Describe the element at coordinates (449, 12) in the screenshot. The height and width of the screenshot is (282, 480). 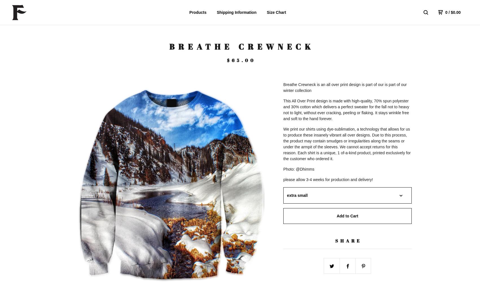
I see `'/'` at that location.